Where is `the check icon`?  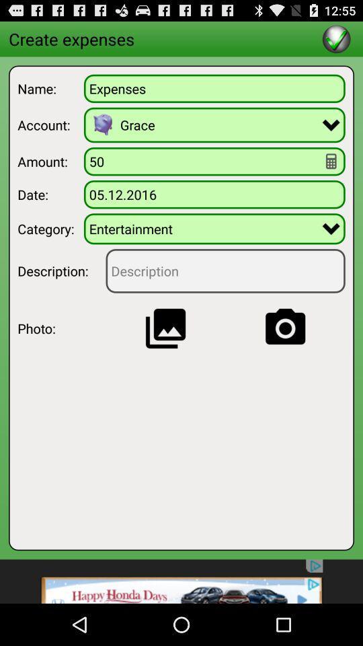 the check icon is located at coordinates (335, 41).